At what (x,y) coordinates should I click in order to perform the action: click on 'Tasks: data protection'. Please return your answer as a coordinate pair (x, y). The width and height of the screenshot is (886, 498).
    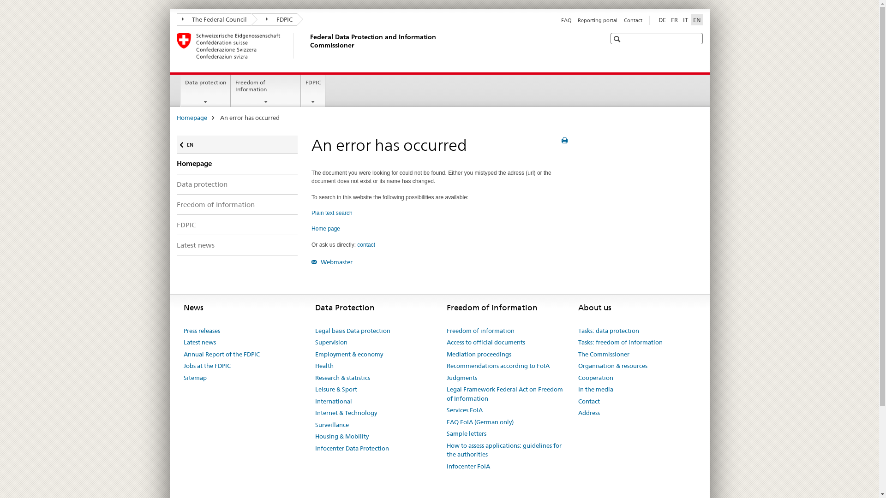
    Looking at the image, I should click on (577, 330).